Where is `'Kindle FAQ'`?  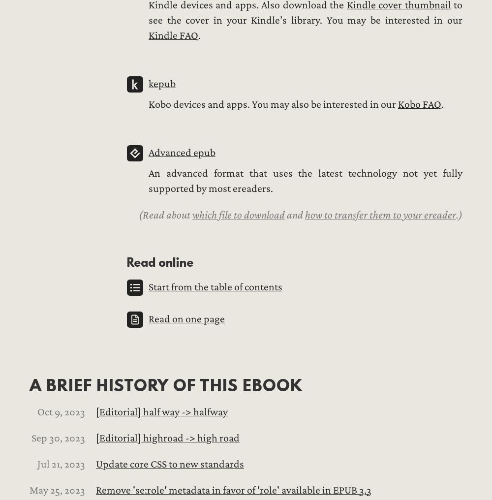
'Kindle FAQ' is located at coordinates (173, 35).